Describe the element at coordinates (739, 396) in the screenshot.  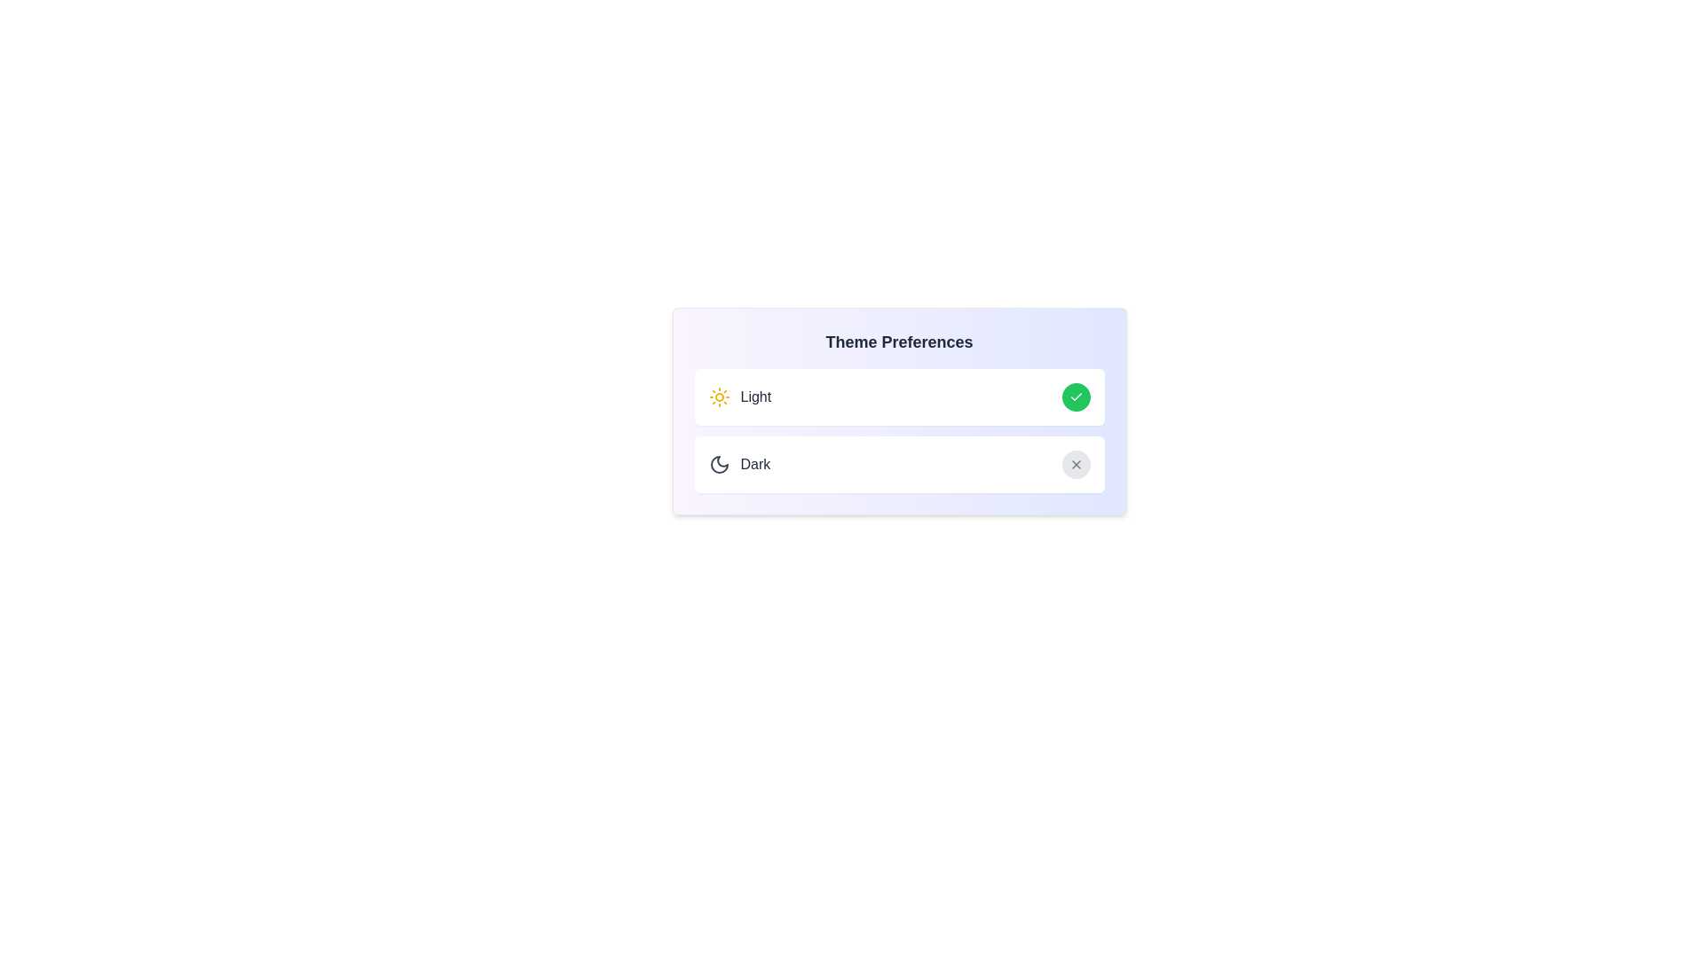
I see `the 'Light' theme text to toggle its selection` at that location.